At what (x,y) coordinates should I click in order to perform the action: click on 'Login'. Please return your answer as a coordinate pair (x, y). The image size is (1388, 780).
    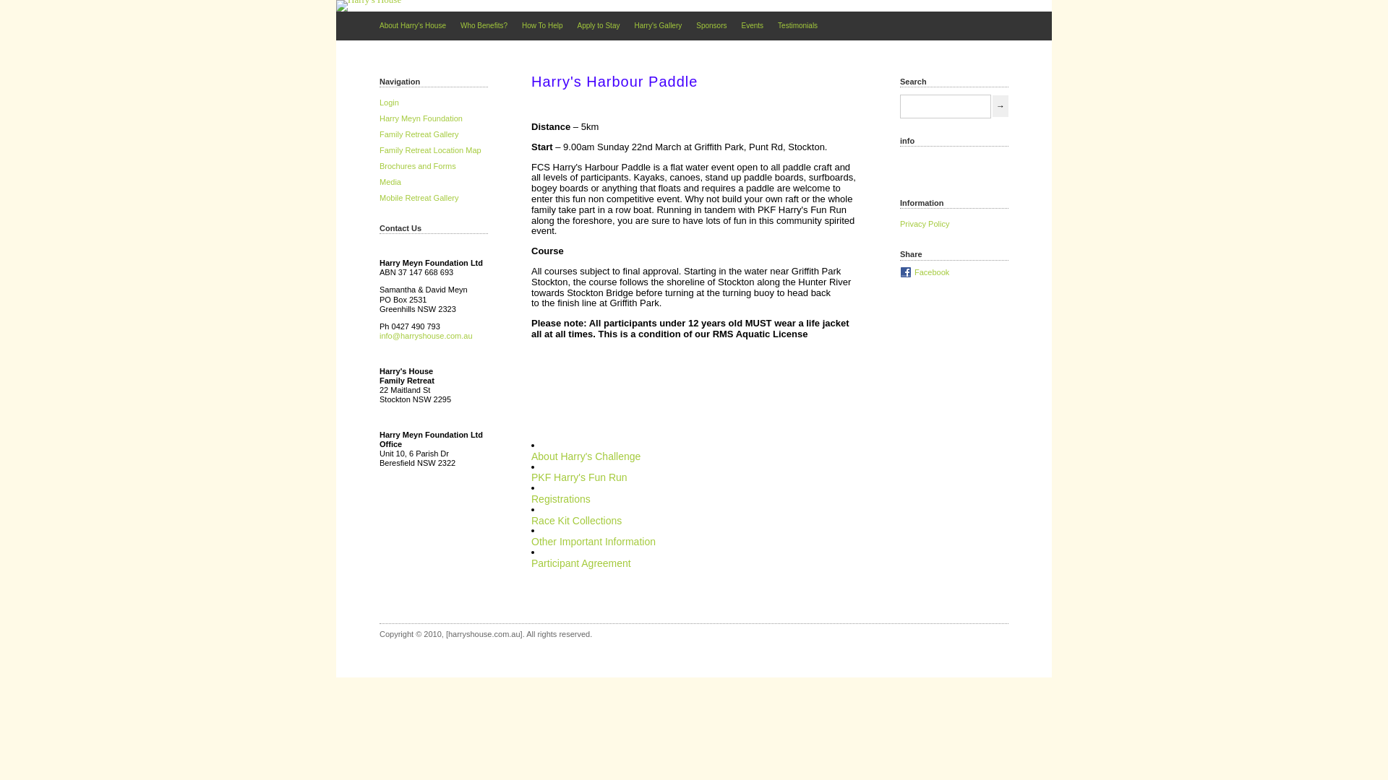
    Looking at the image, I should click on (379, 102).